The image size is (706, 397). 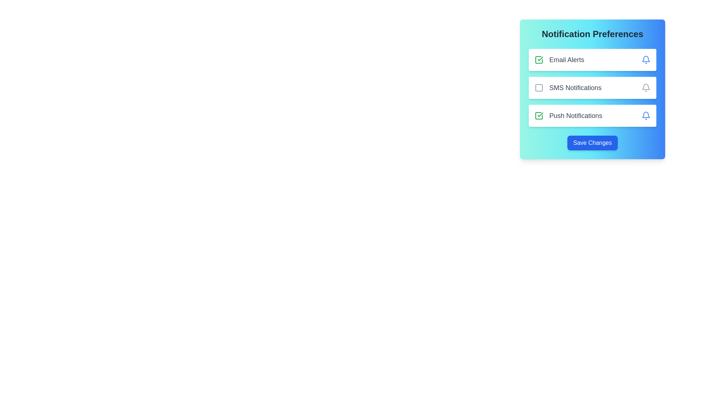 I want to click on the checkboxes in the Grouped List of Selectable Items, so click(x=592, y=87).